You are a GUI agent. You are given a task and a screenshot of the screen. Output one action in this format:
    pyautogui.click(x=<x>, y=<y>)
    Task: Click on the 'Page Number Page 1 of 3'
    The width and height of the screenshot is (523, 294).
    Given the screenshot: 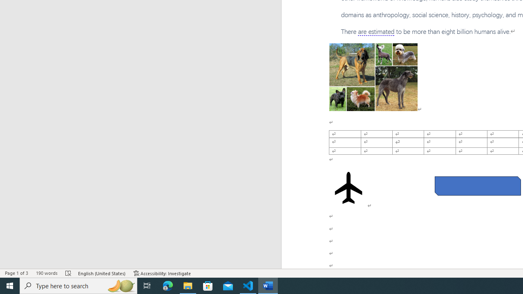 What is the action you would take?
    pyautogui.click(x=16, y=273)
    